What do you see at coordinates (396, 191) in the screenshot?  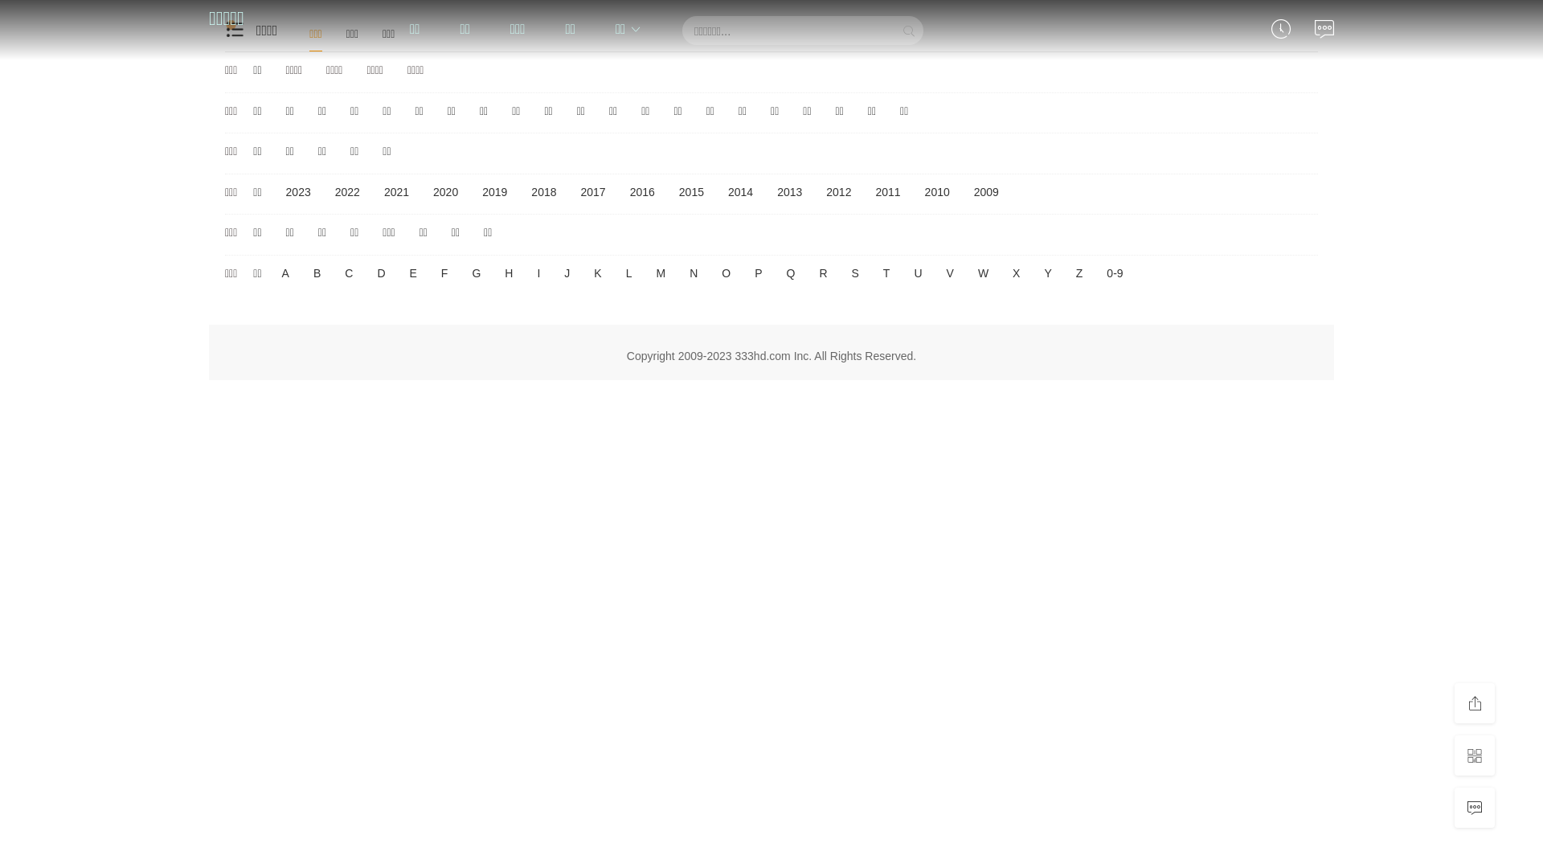 I see `'2021'` at bounding box center [396, 191].